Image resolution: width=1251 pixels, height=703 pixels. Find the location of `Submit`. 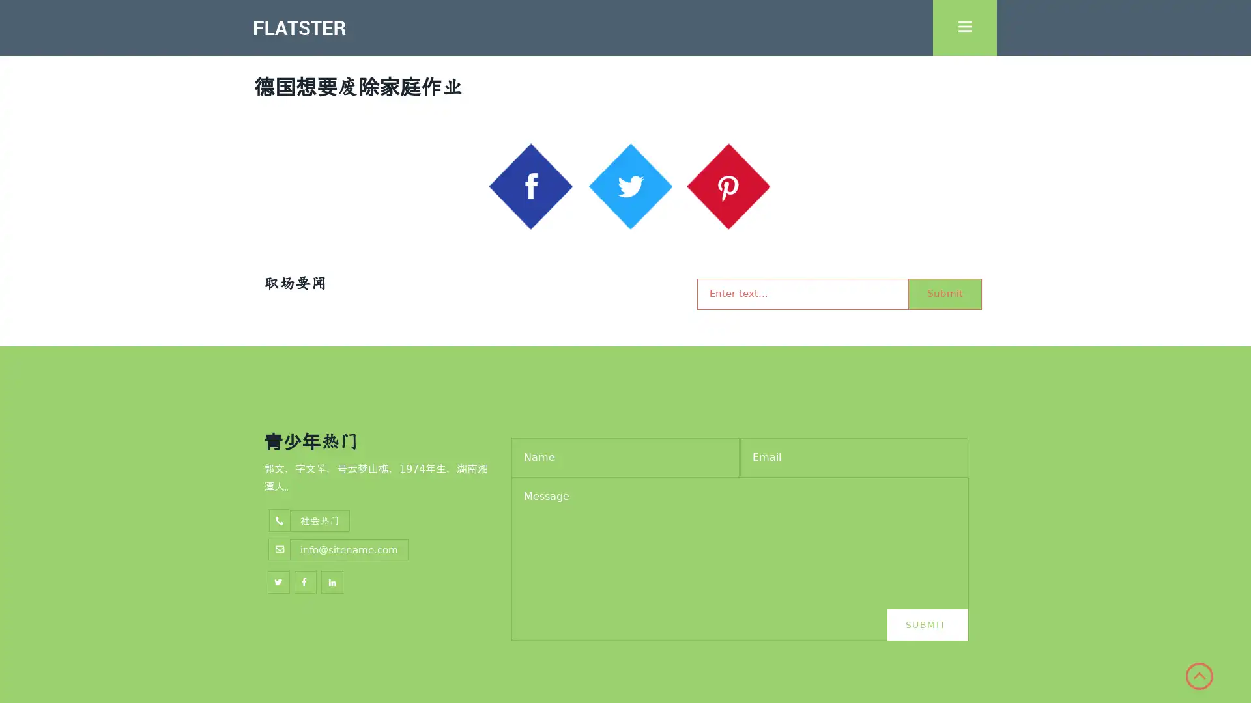

Submit is located at coordinates (927, 624).